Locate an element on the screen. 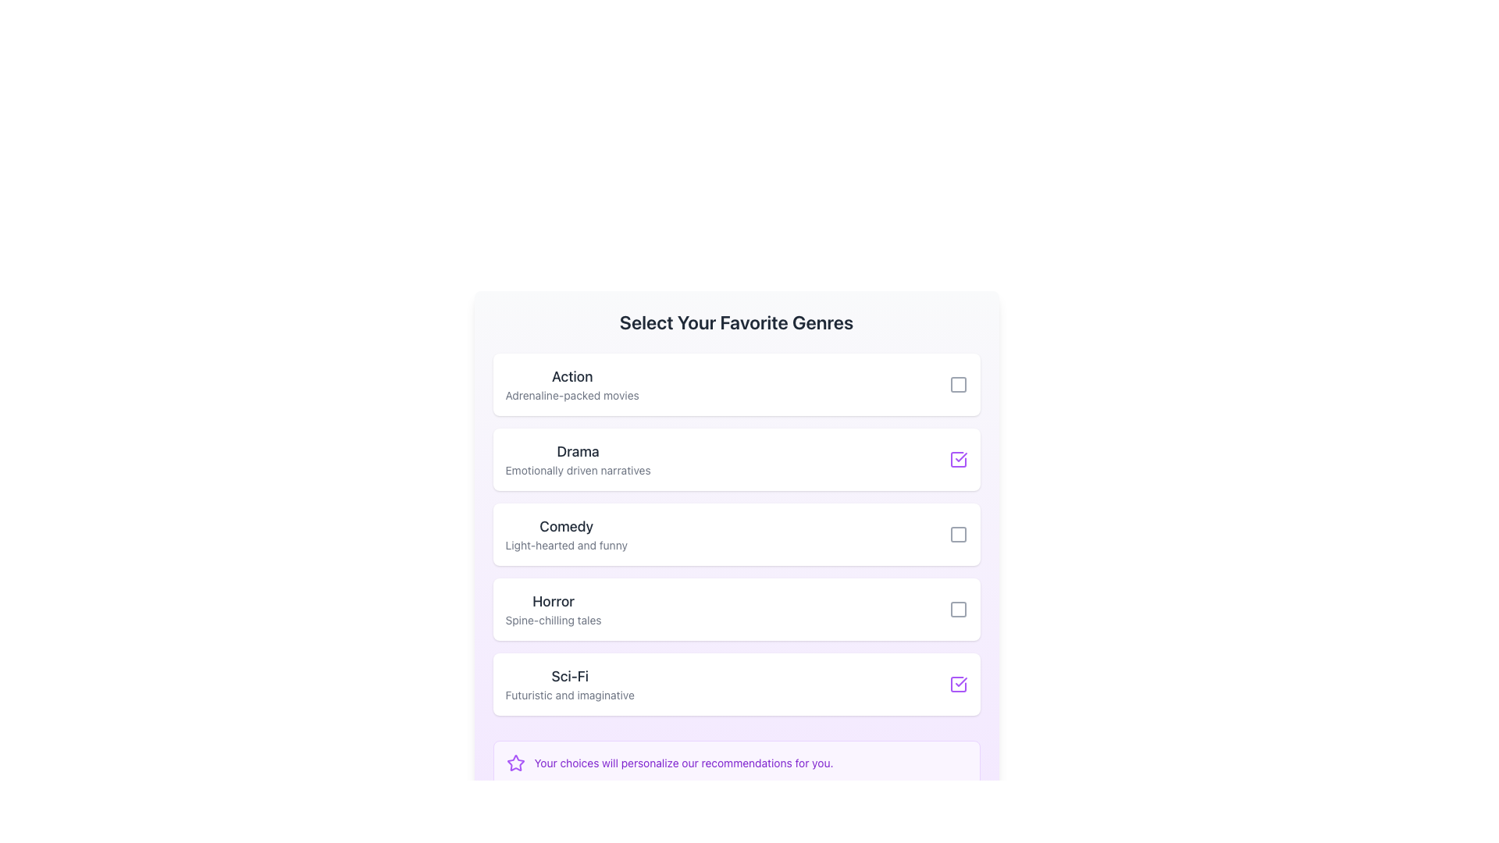 Image resolution: width=1499 pixels, height=843 pixels. the 'Sci-Fi' Text Group element, which features a bold header and a lighter description, positioned within the fourth card of the 'Select Your Favorite Genres' section is located at coordinates (569, 683).